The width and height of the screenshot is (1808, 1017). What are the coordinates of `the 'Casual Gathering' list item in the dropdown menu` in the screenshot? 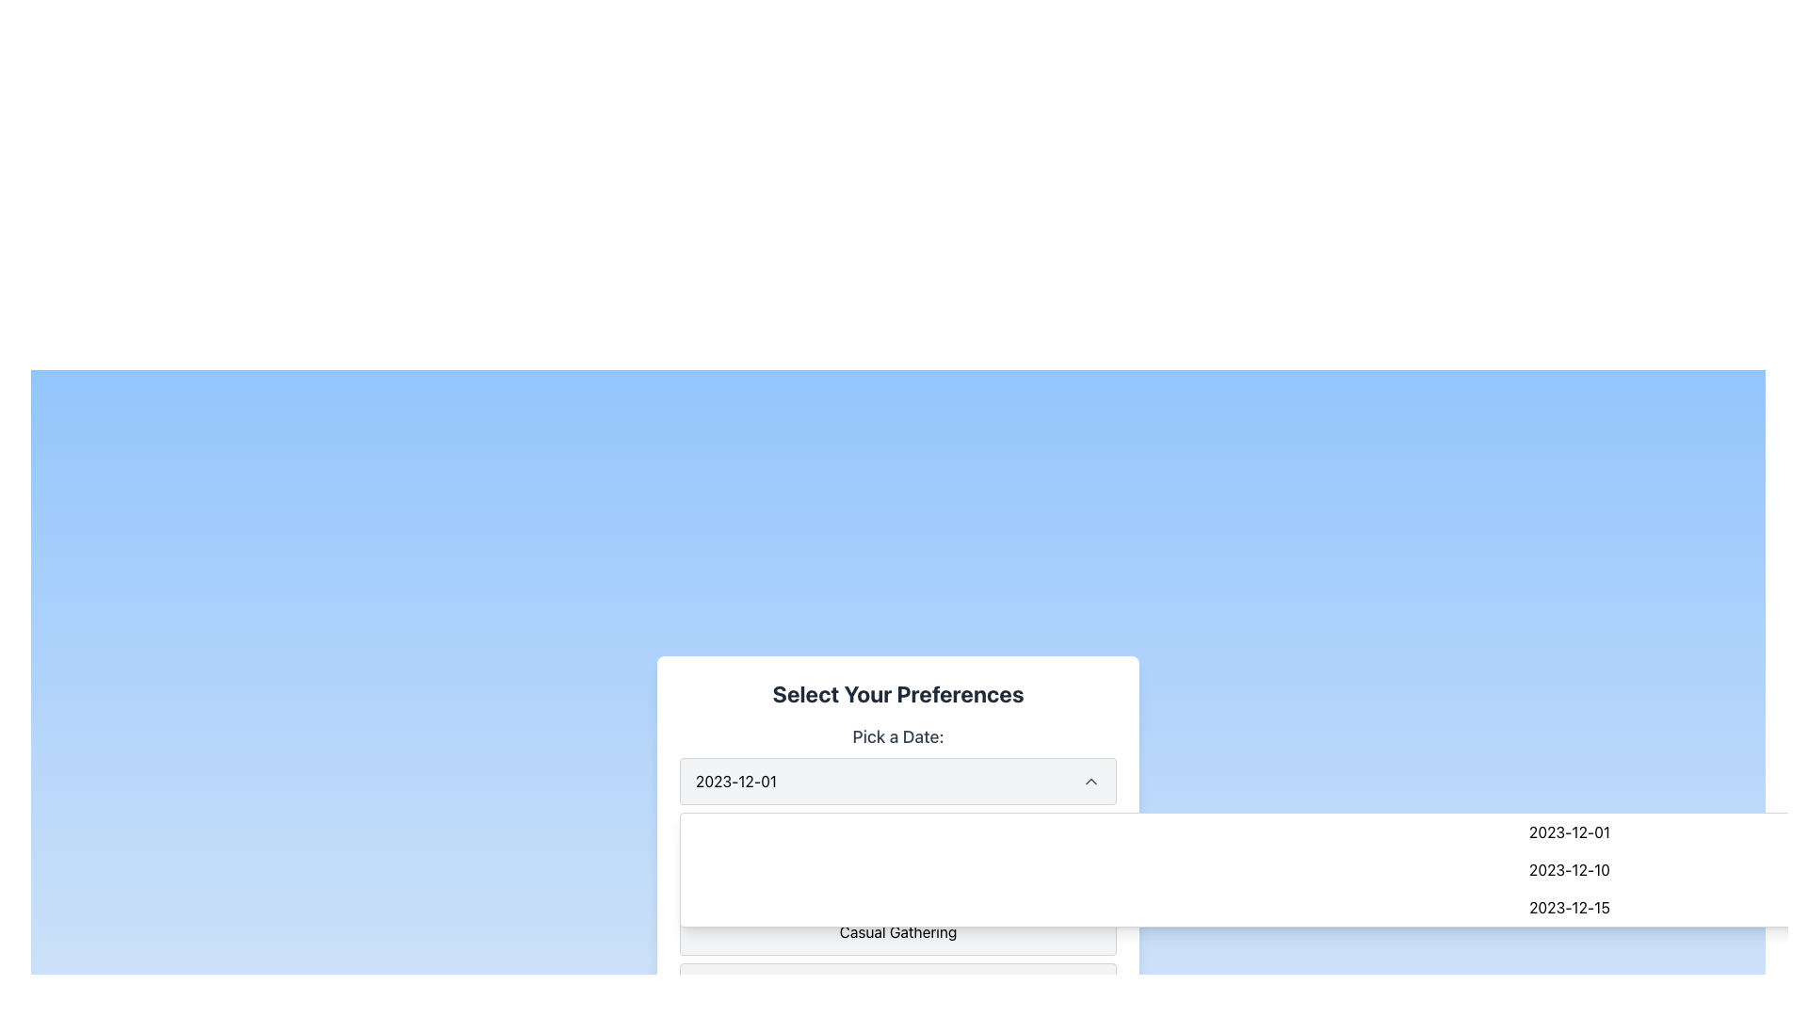 It's located at (897, 932).